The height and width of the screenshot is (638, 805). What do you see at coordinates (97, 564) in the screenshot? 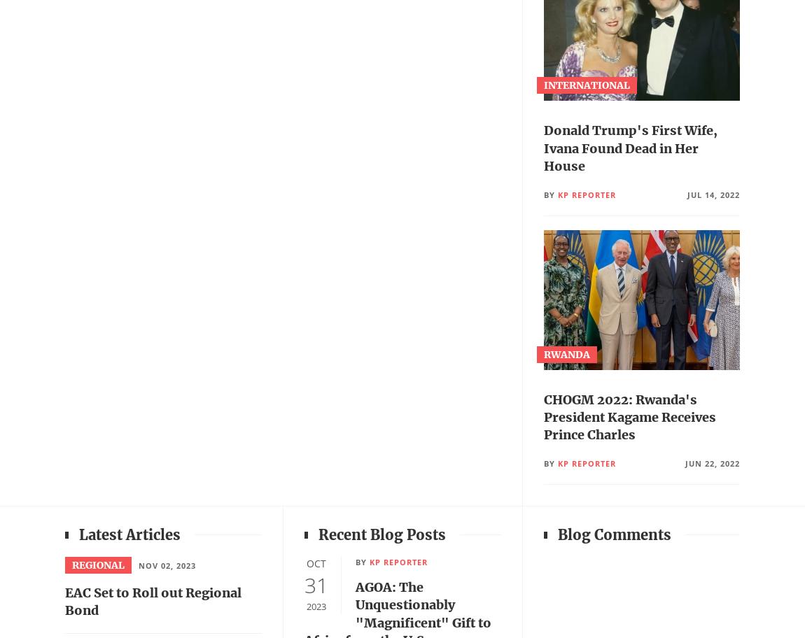
I see `'Regional'` at bounding box center [97, 564].